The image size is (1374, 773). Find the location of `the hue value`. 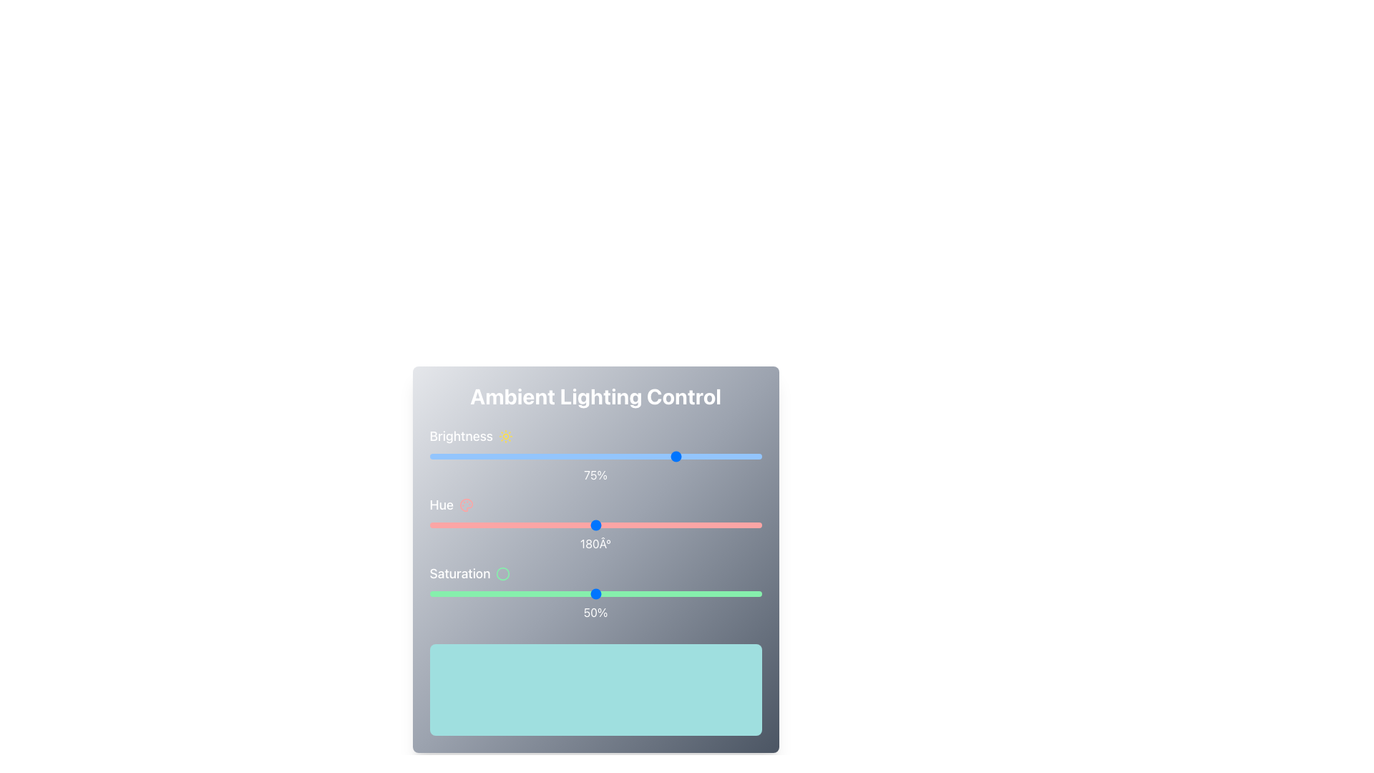

the hue value is located at coordinates (512, 525).